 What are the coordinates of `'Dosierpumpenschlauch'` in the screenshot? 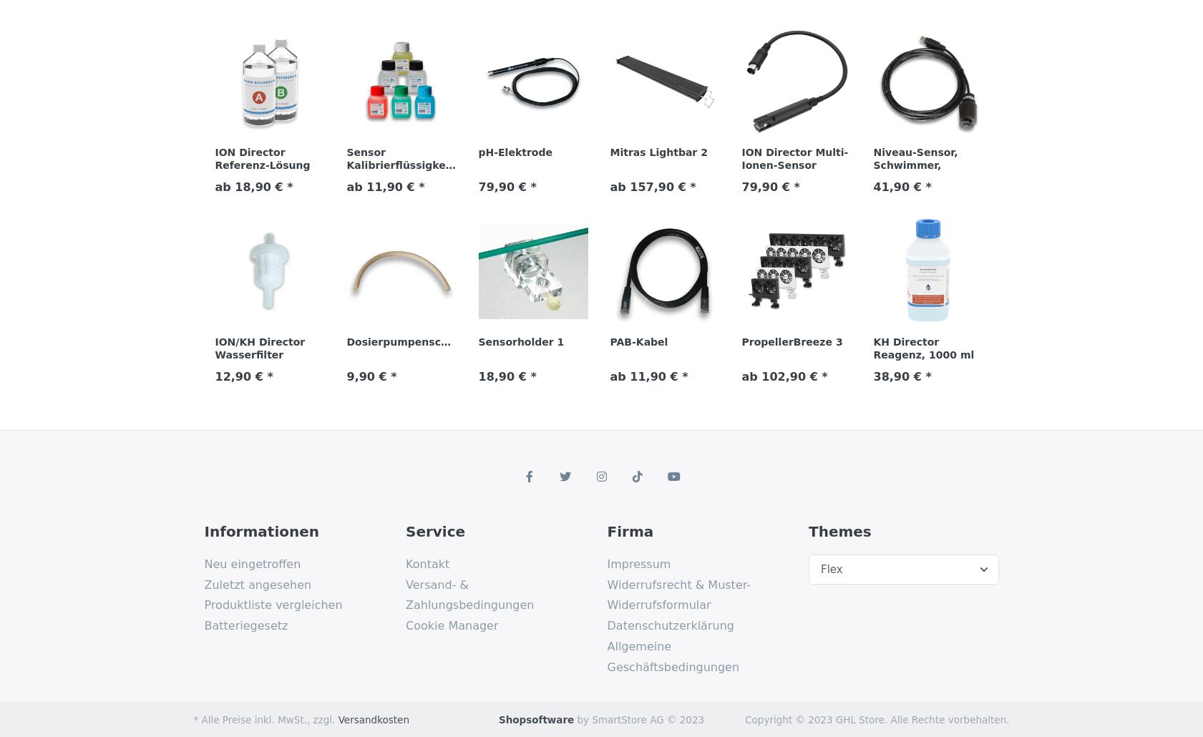 It's located at (411, 340).